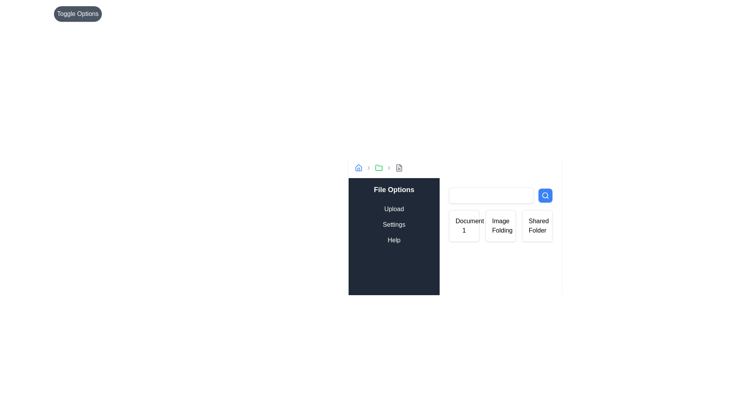 This screenshot has width=747, height=420. I want to click on the toggle button located at the top-left corner of the window to observe the color change, so click(78, 14).